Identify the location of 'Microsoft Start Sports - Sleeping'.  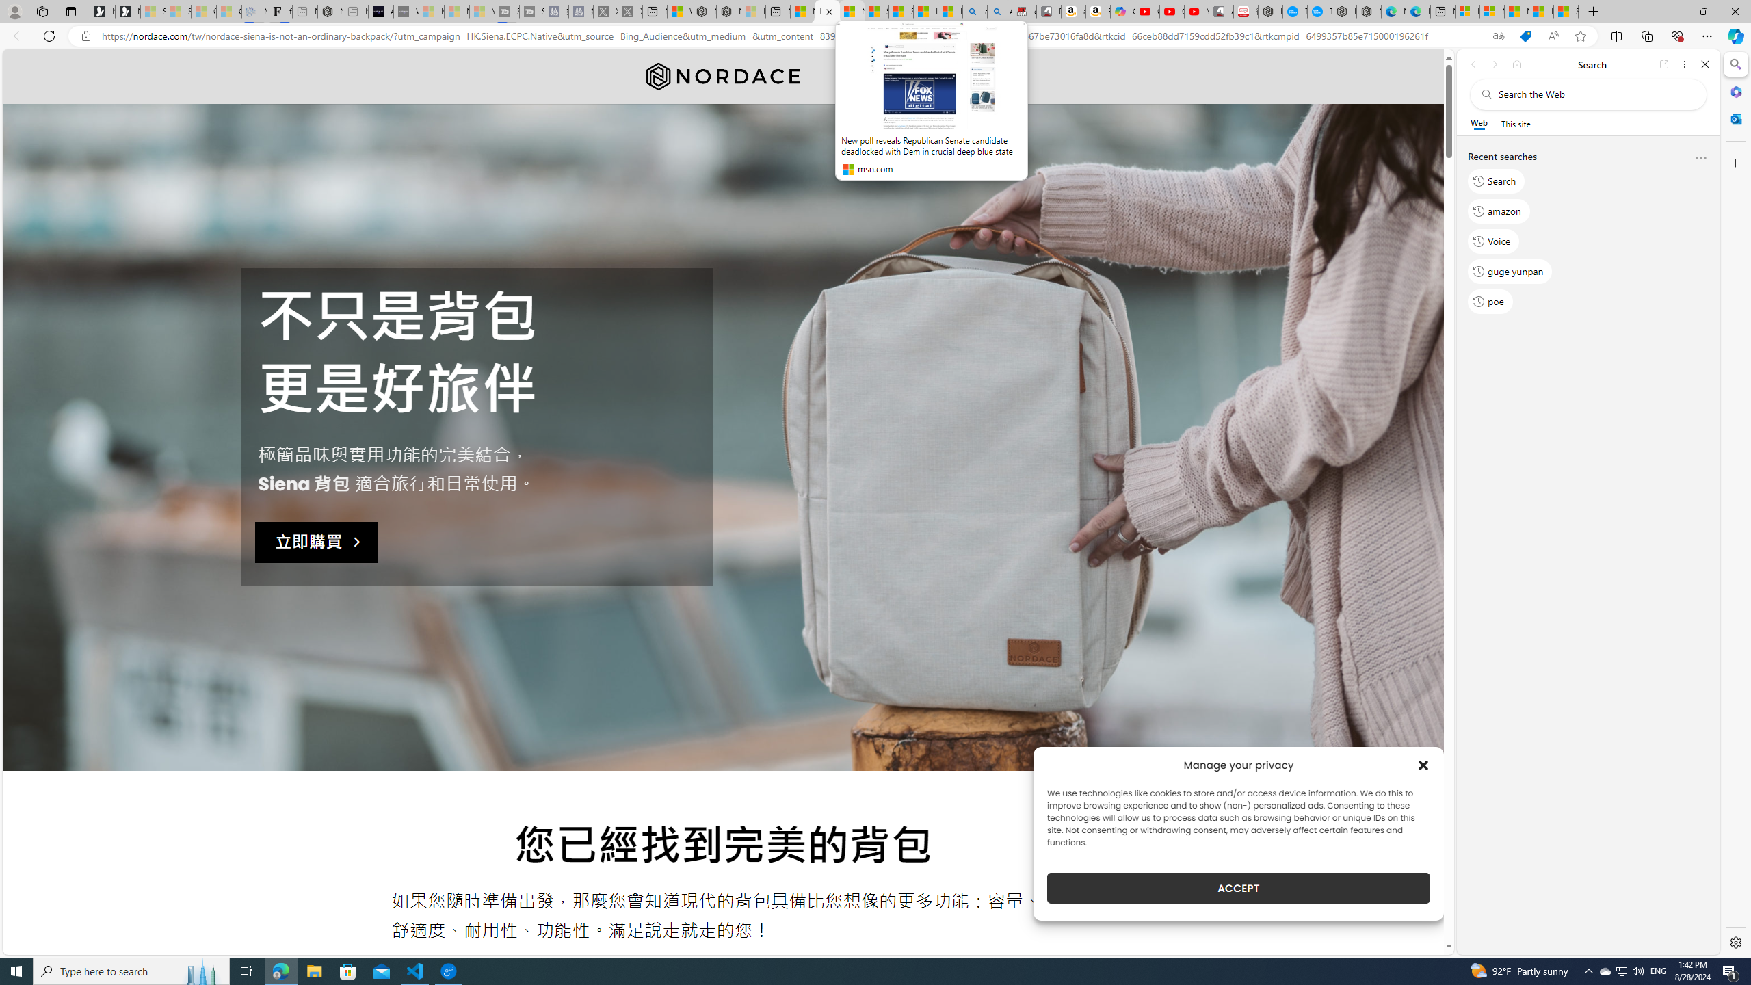
(432, 11).